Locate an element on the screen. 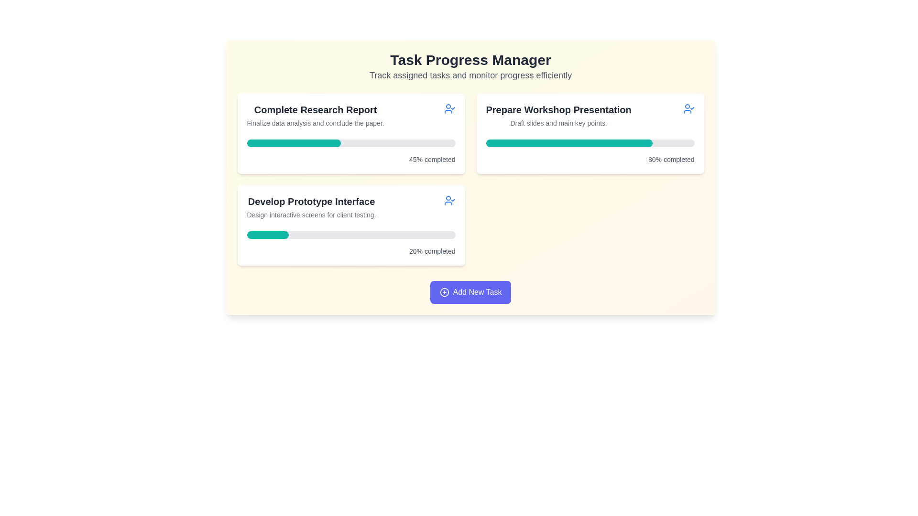 The width and height of the screenshot is (918, 516). the progress bar indicating 45% completion within the 'Complete Research Report' task card in the top left corner of the layout is located at coordinates (293, 143).